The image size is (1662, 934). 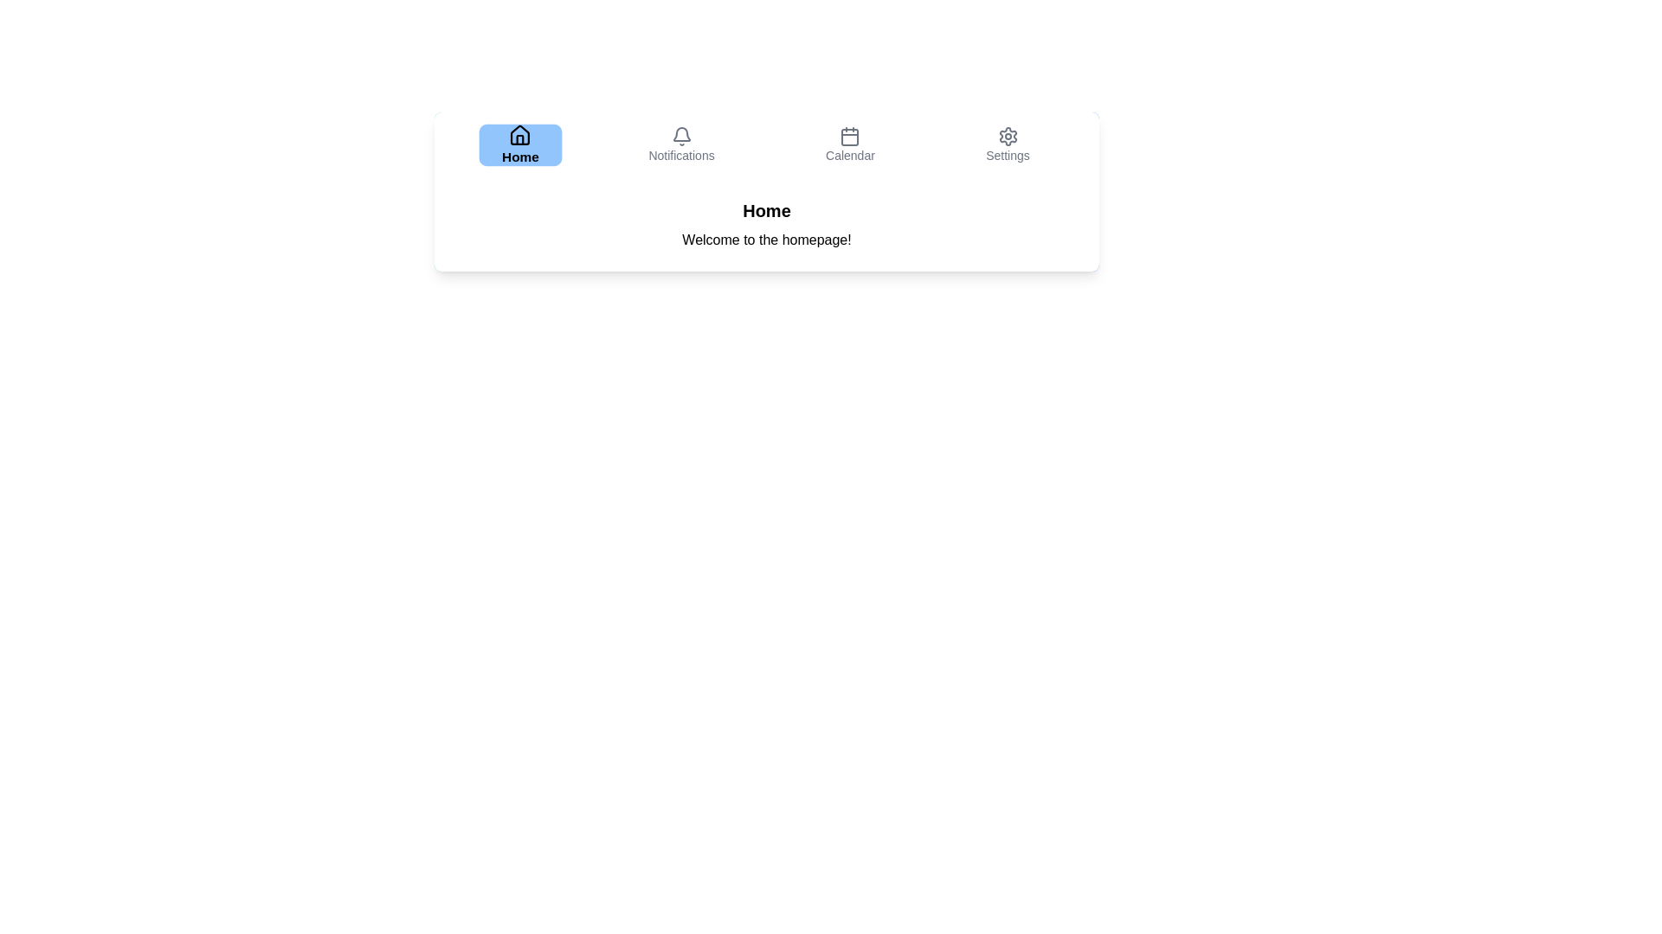 What do you see at coordinates (850, 156) in the screenshot?
I see `the text label that describes the calendar feature located centrally beneath the calendar icon, positioned between 'Notifications' and 'Settings'` at bounding box center [850, 156].